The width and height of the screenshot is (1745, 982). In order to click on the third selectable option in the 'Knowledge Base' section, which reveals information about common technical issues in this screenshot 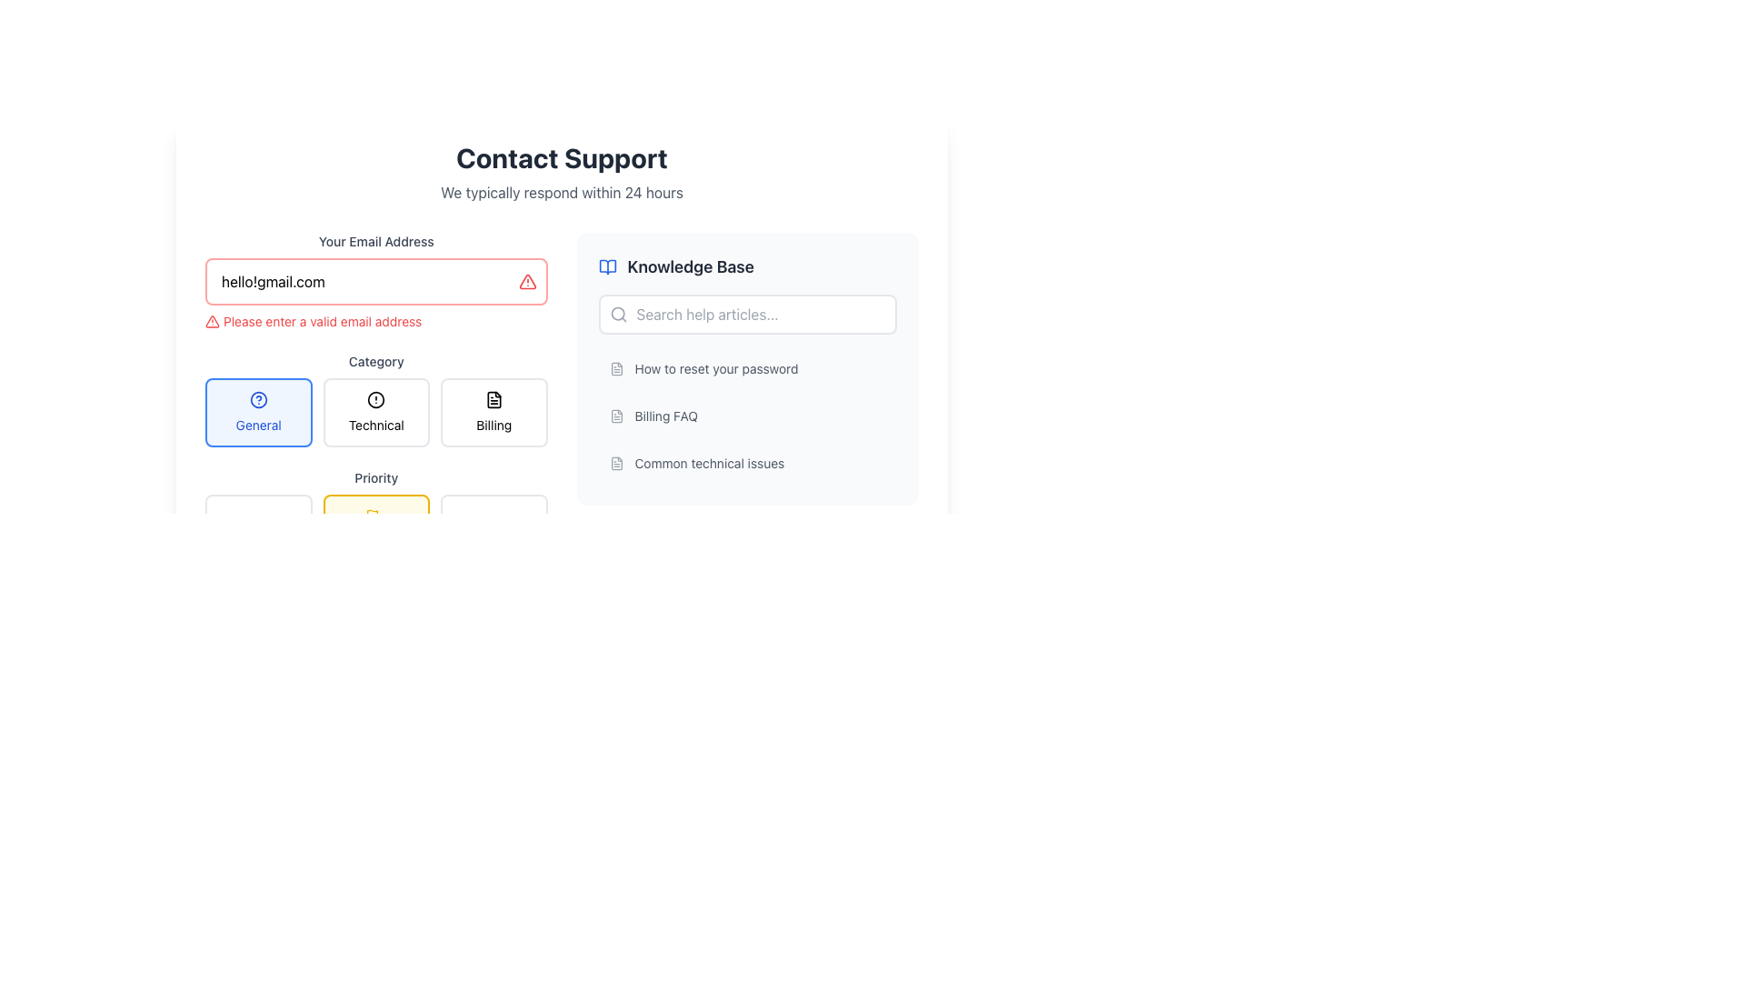, I will do `click(747, 462)`.